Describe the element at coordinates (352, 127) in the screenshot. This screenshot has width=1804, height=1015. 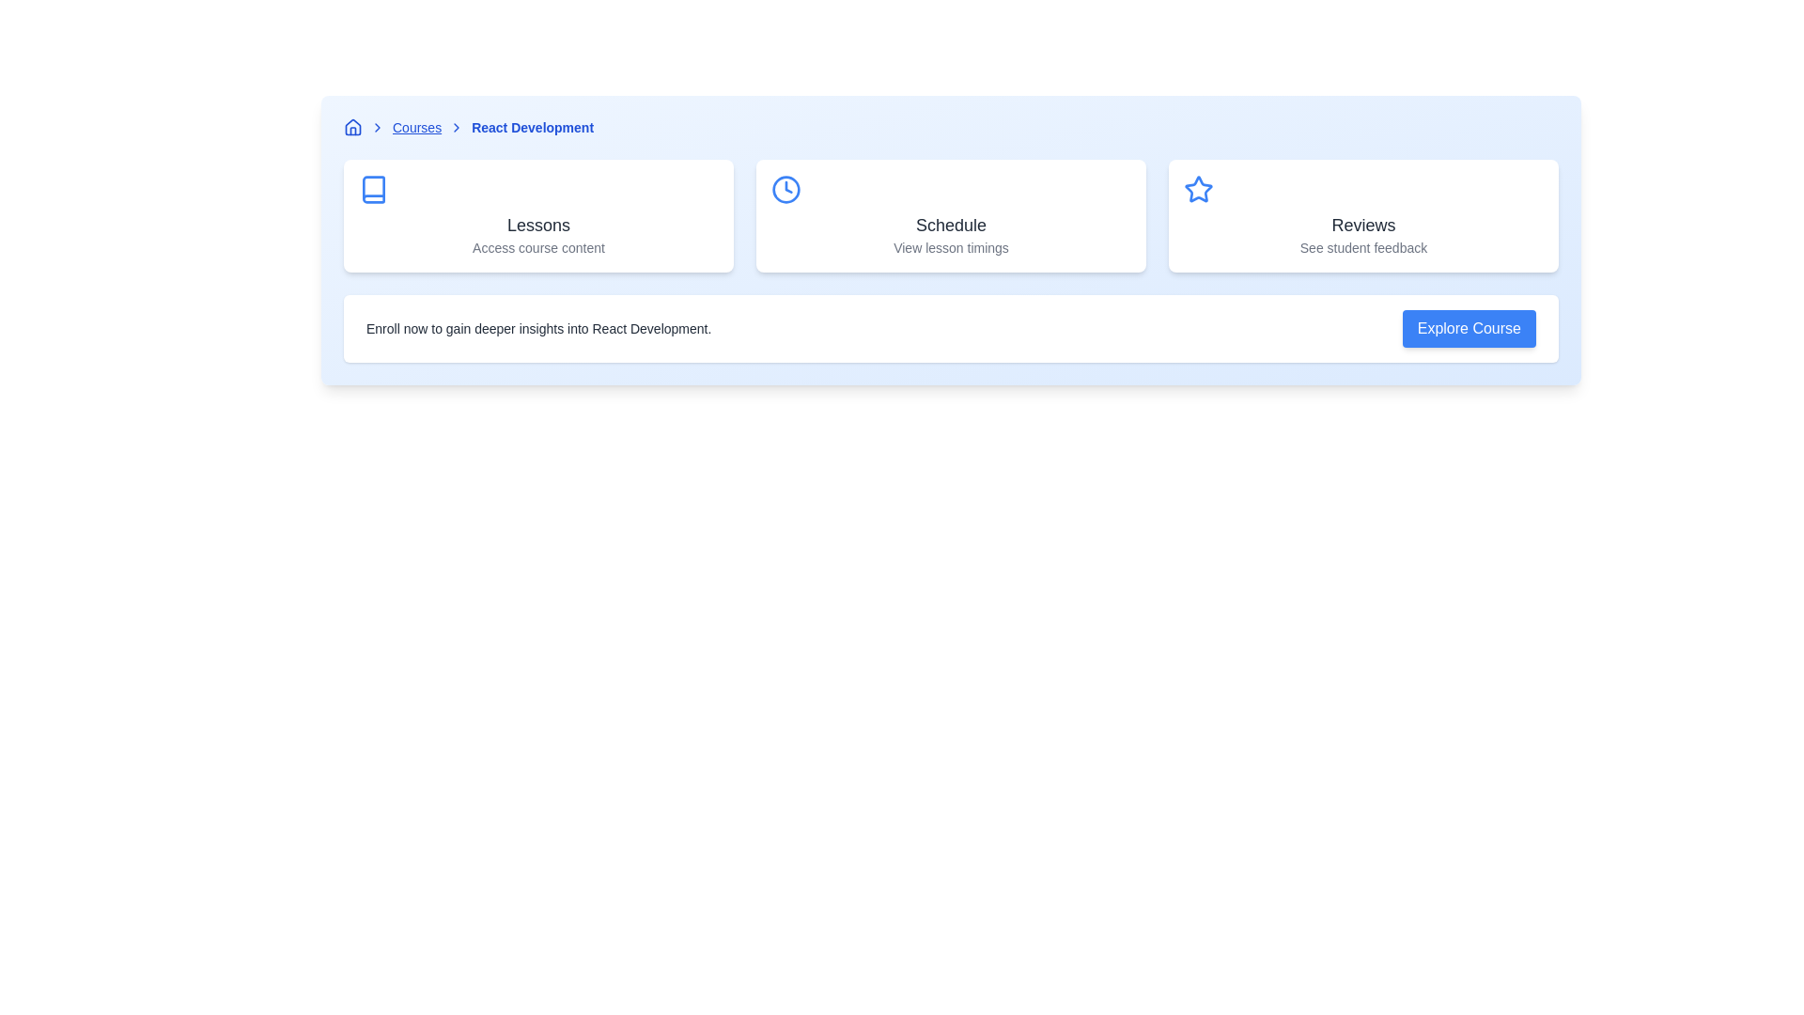
I see `the blue house icon located at the start of the breadcrumb navigation bar` at that location.